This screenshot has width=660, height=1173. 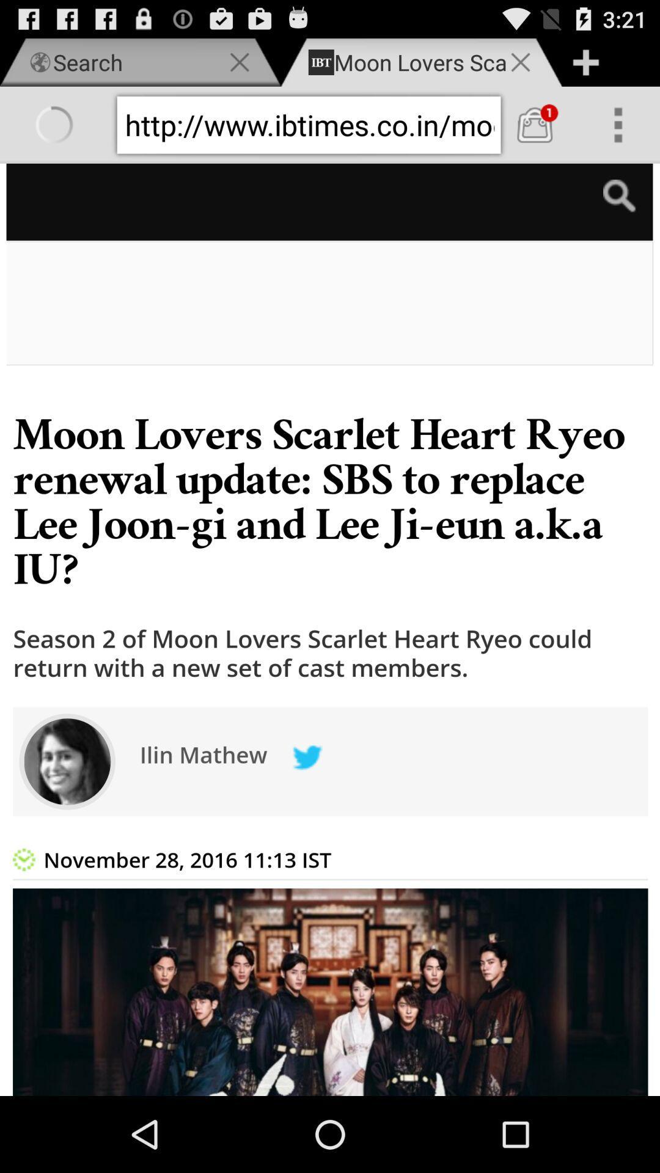 I want to click on new tab, so click(x=585, y=62).